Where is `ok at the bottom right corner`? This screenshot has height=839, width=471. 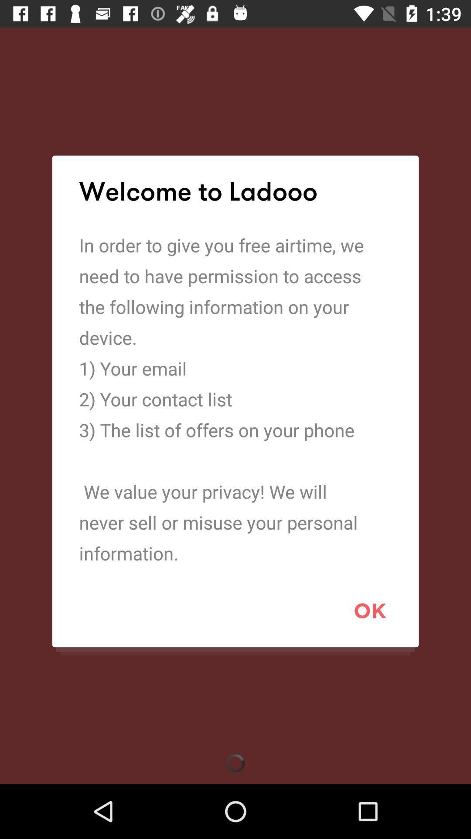
ok at the bottom right corner is located at coordinates (370, 610).